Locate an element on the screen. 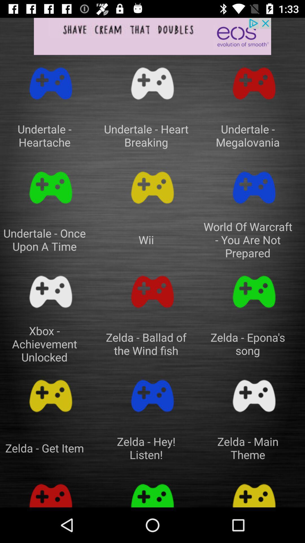 The image size is (305, 543). choose a cover is located at coordinates (254, 83).